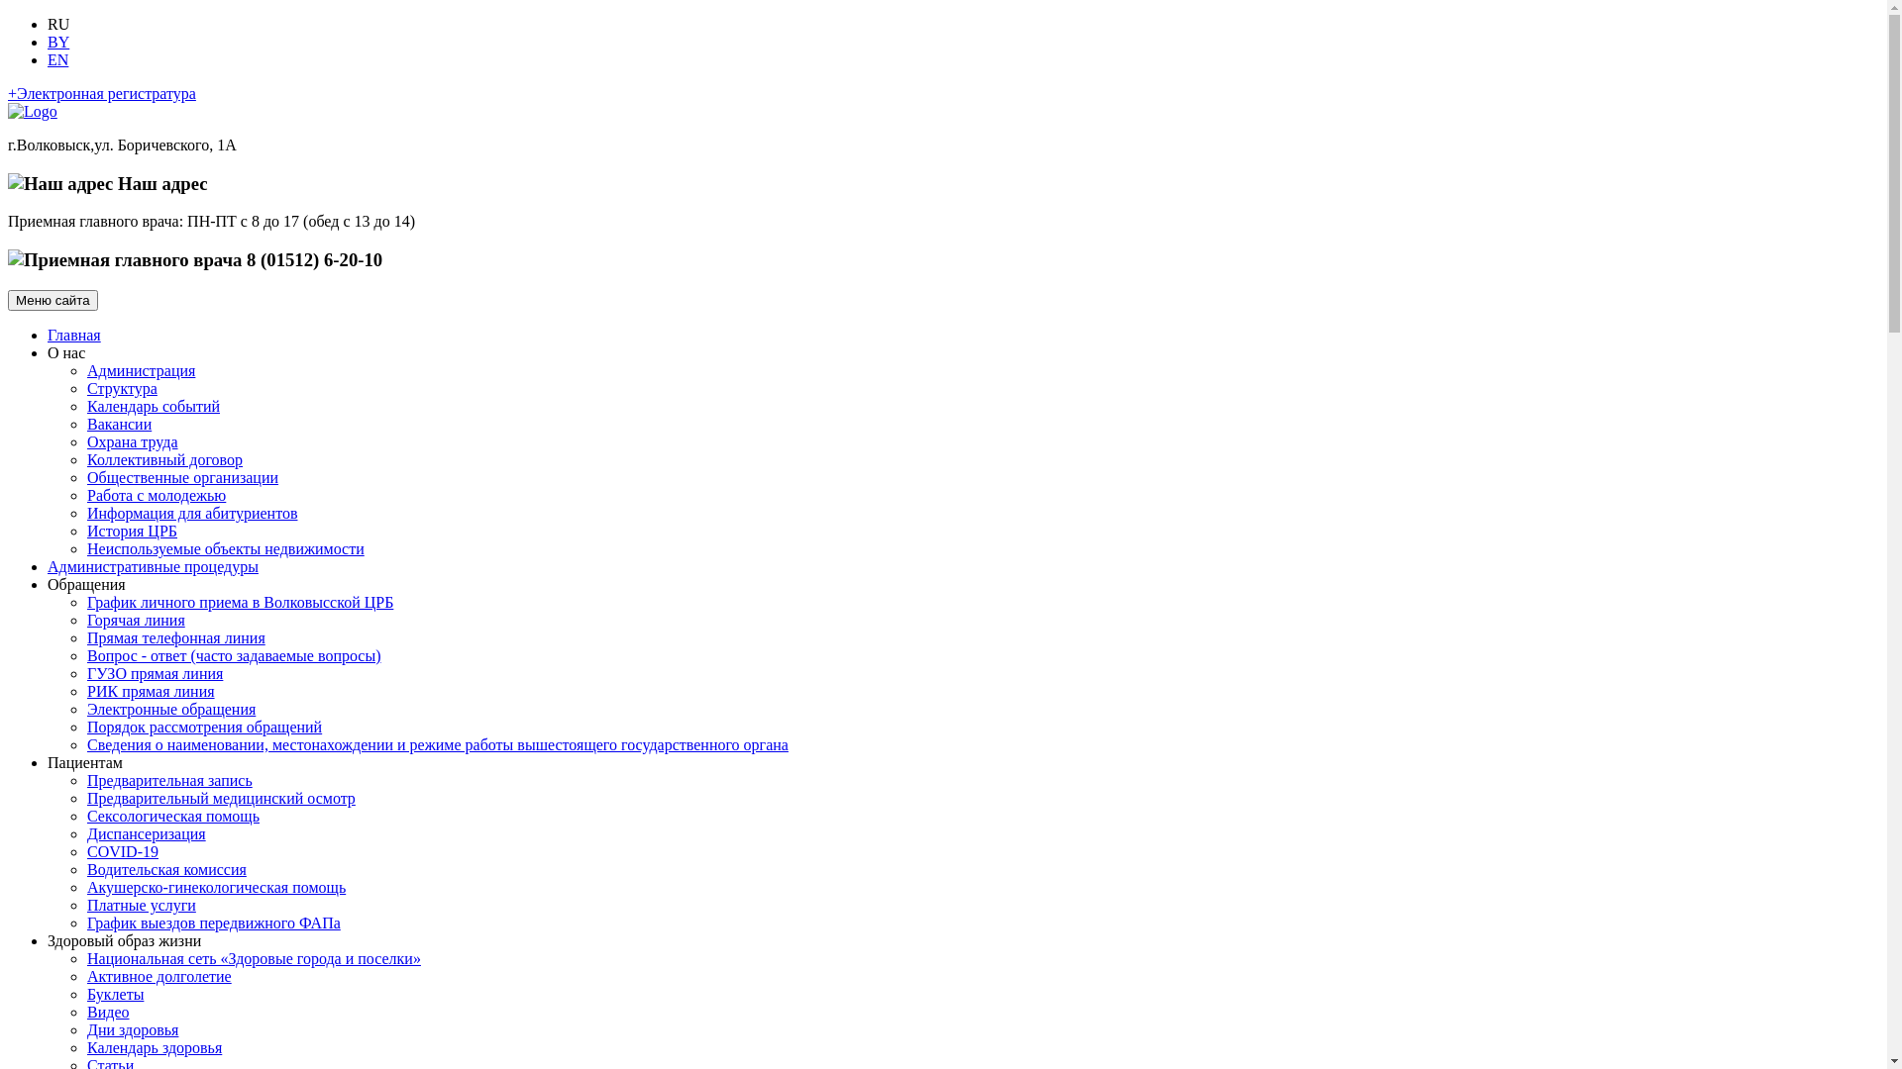 The height and width of the screenshot is (1069, 1902). I want to click on 'EN', so click(57, 58).